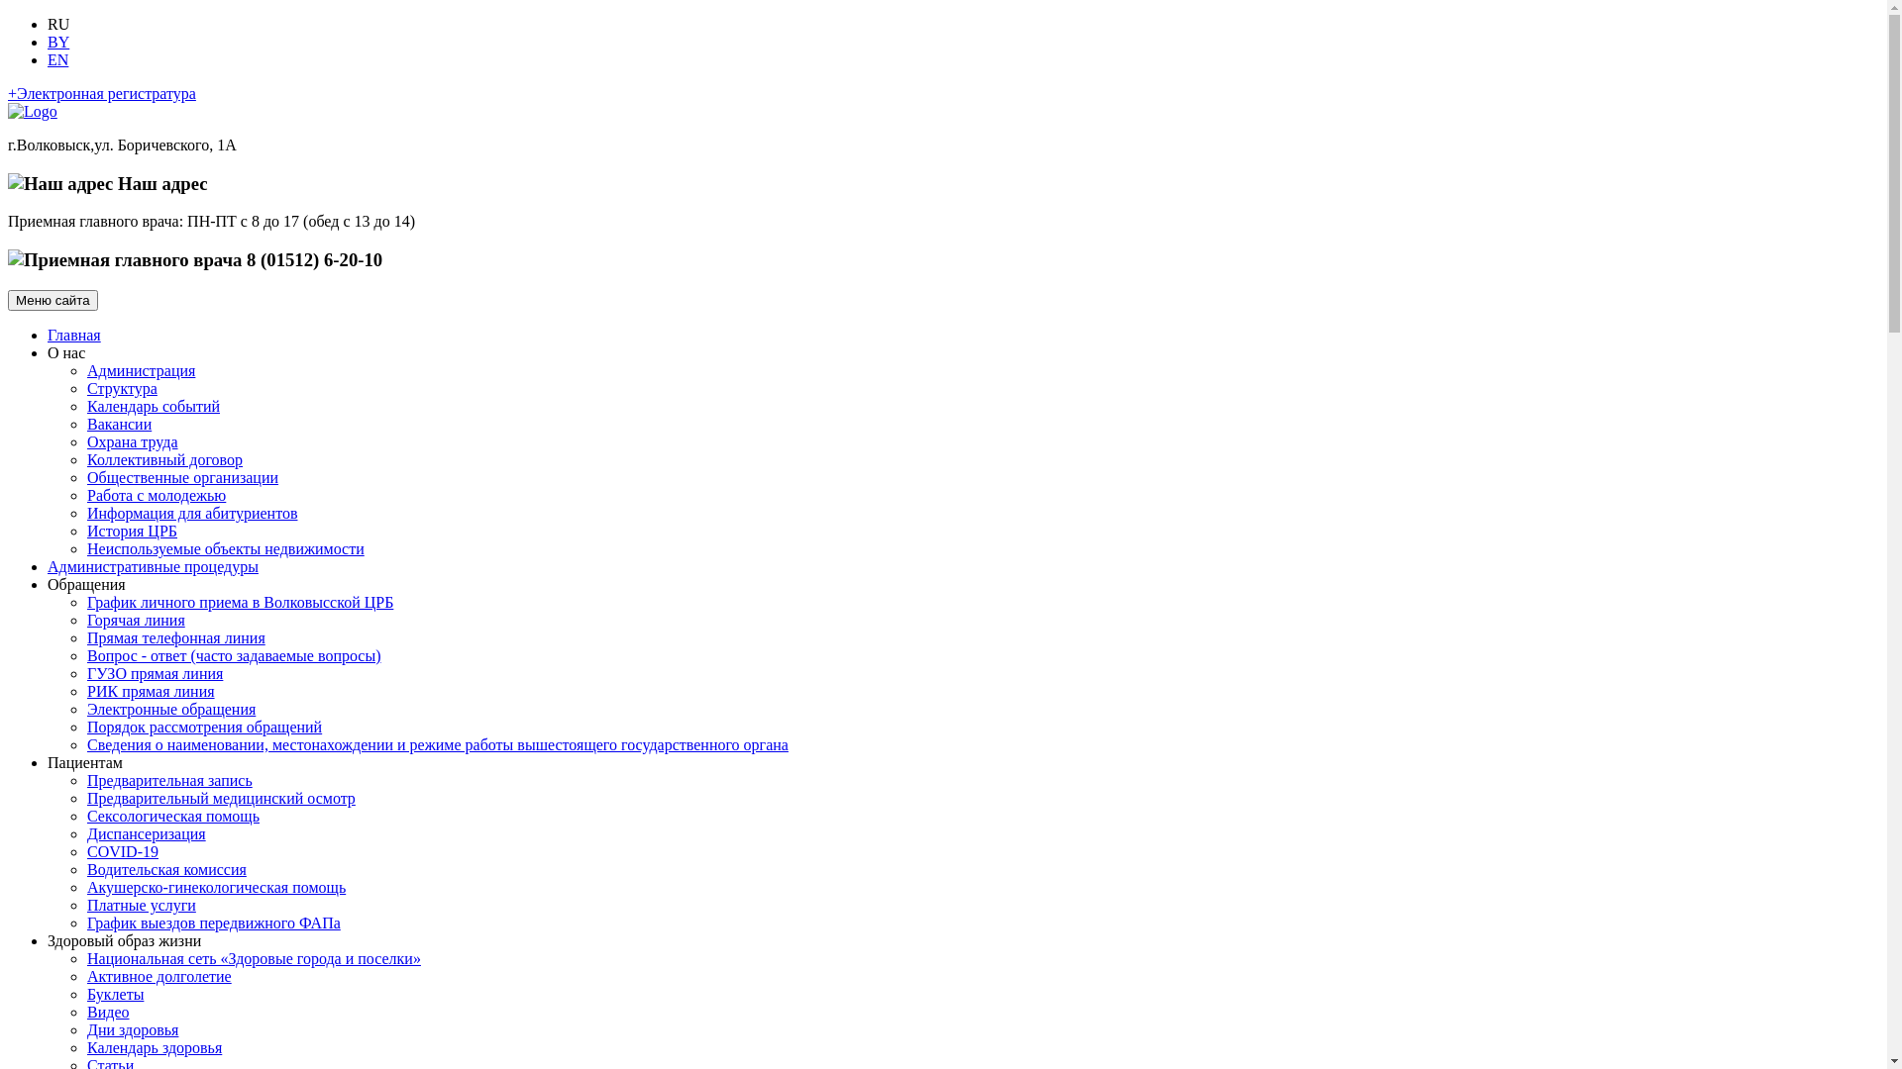 The height and width of the screenshot is (1069, 1902). I want to click on 'EN', so click(57, 58).